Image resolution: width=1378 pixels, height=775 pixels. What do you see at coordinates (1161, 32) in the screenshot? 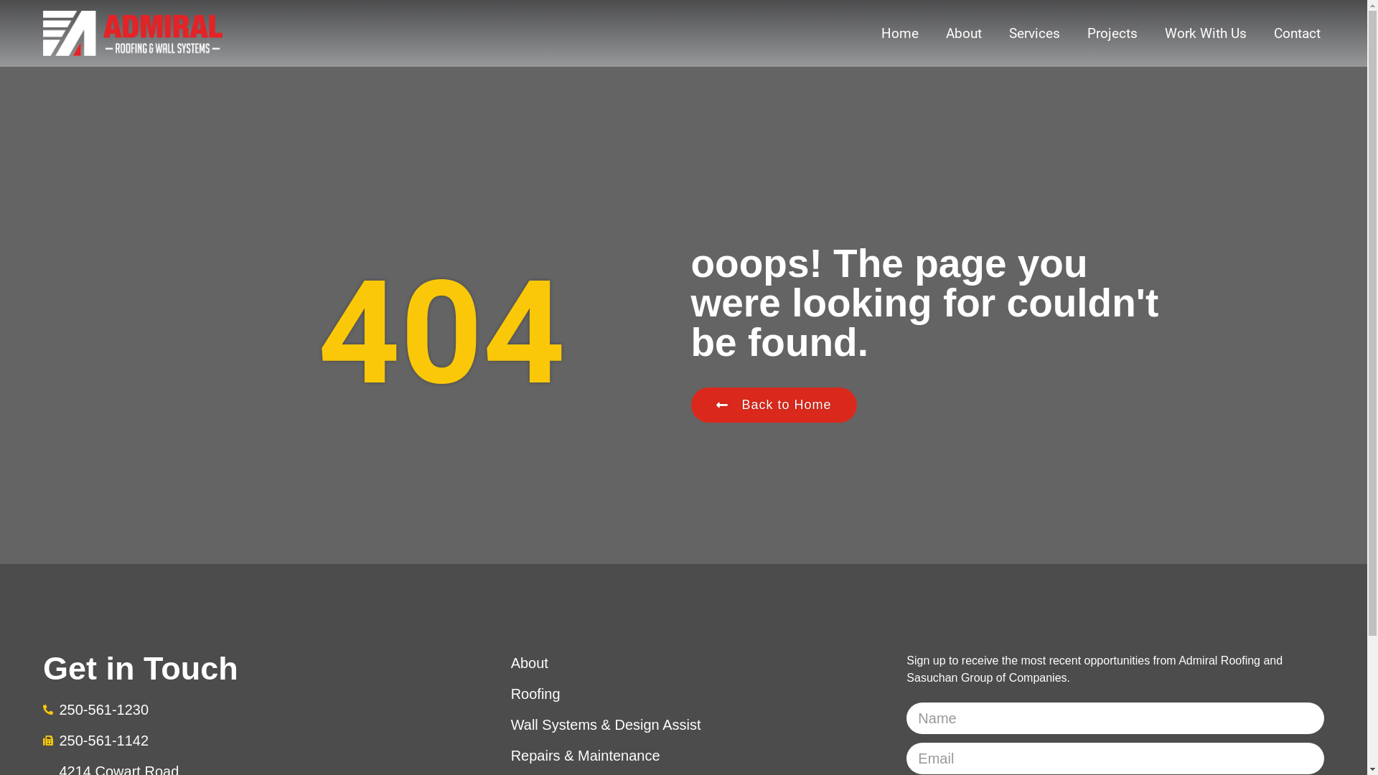
I see `'Work With Us'` at bounding box center [1161, 32].